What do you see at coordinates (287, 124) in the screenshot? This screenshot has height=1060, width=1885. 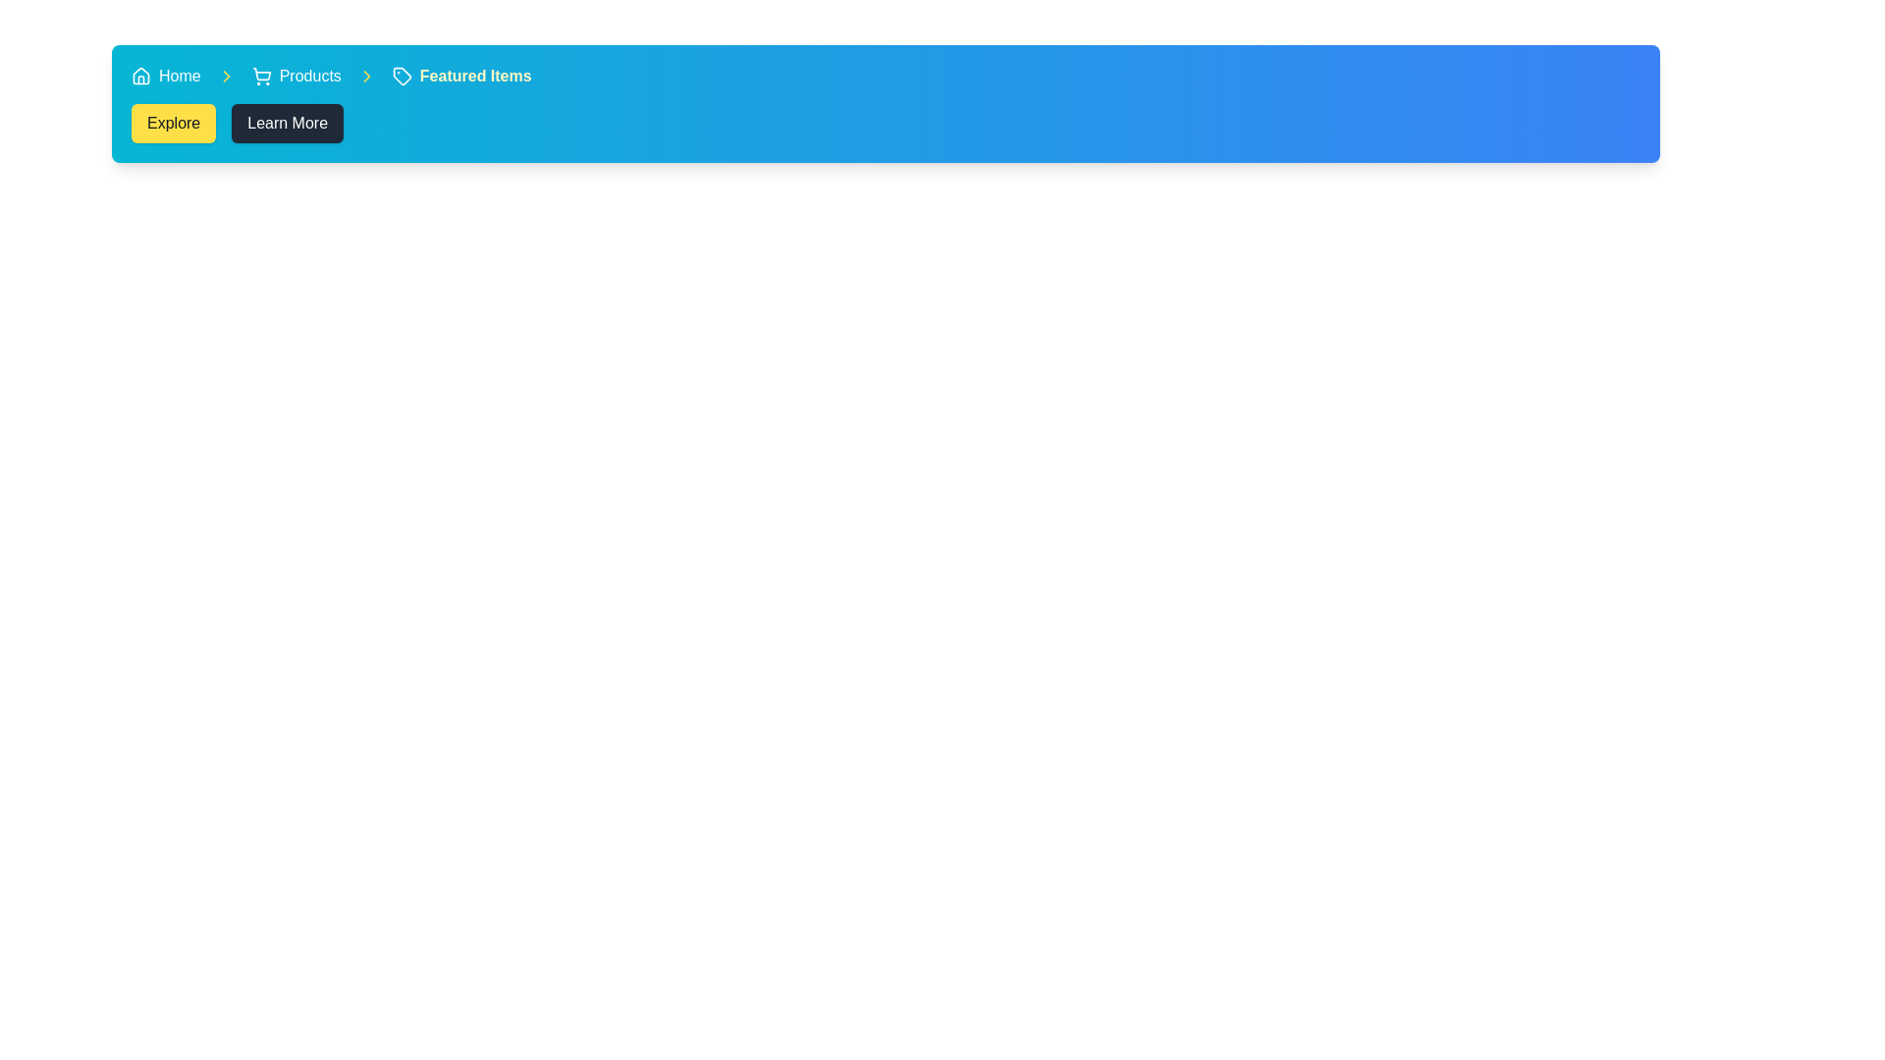 I see `the navigation button located on the right side of the group, adjacent to the yellow 'Explore' button` at bounding box center [287, 124].